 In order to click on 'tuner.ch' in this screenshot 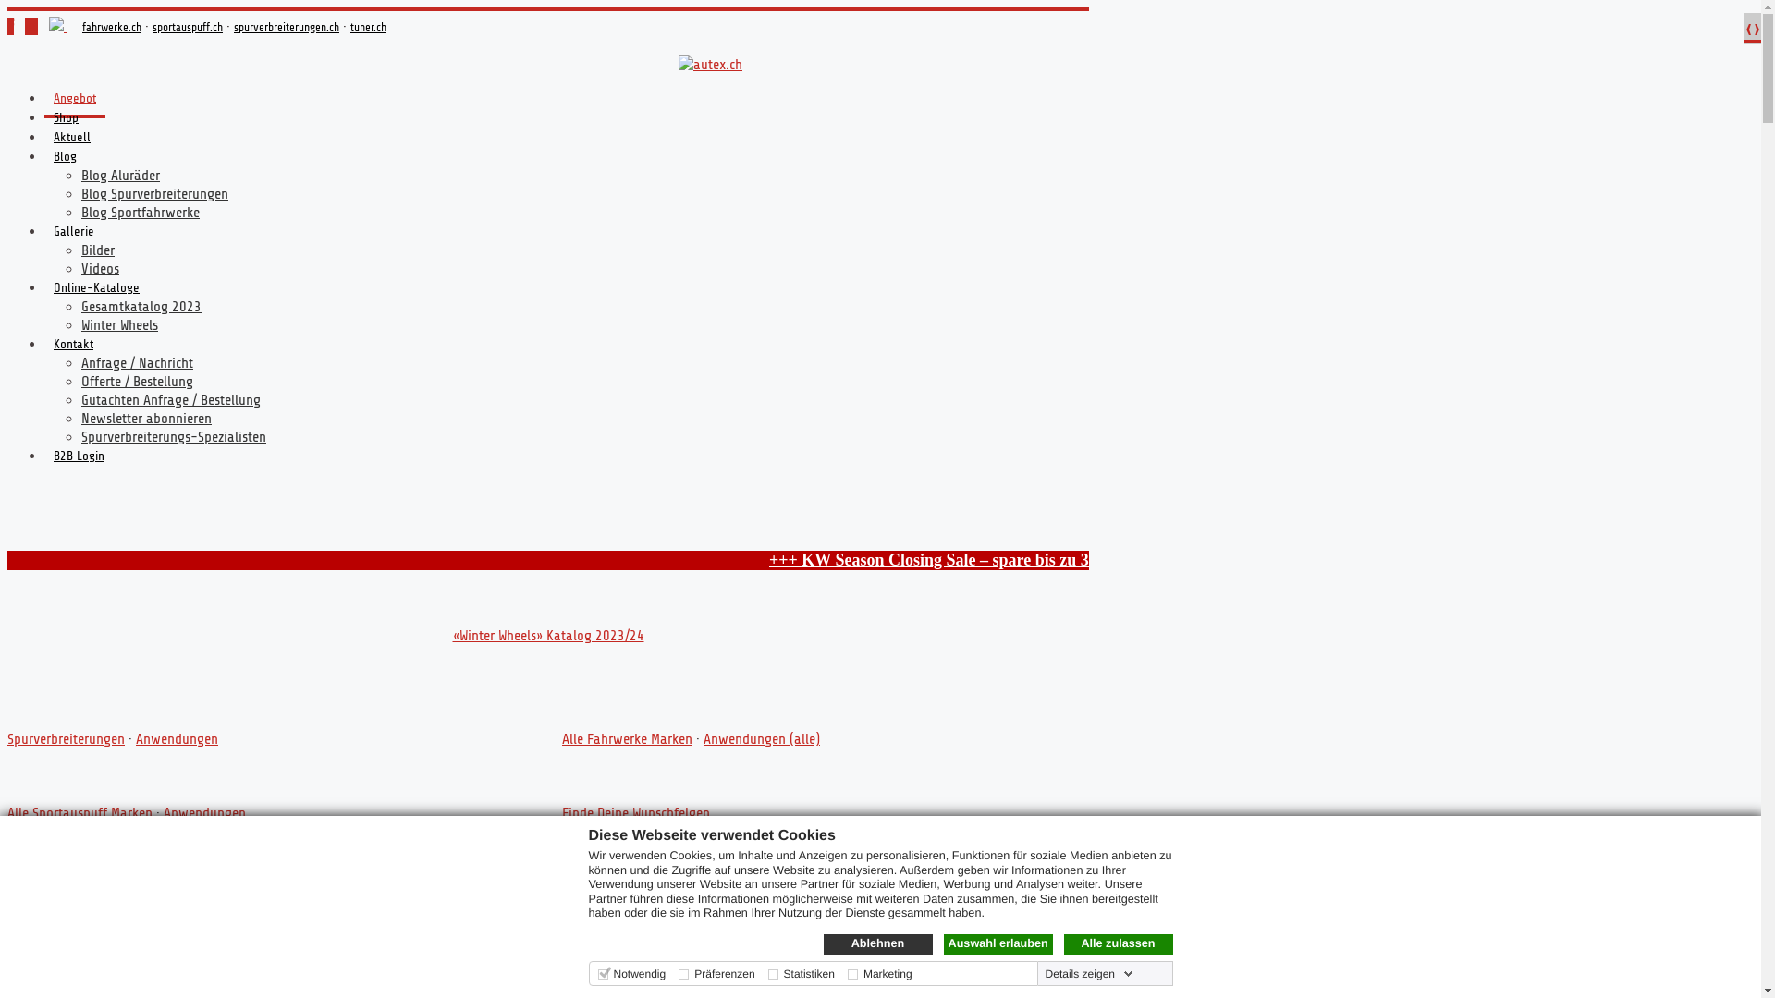, I will do `click(368, 27)`.